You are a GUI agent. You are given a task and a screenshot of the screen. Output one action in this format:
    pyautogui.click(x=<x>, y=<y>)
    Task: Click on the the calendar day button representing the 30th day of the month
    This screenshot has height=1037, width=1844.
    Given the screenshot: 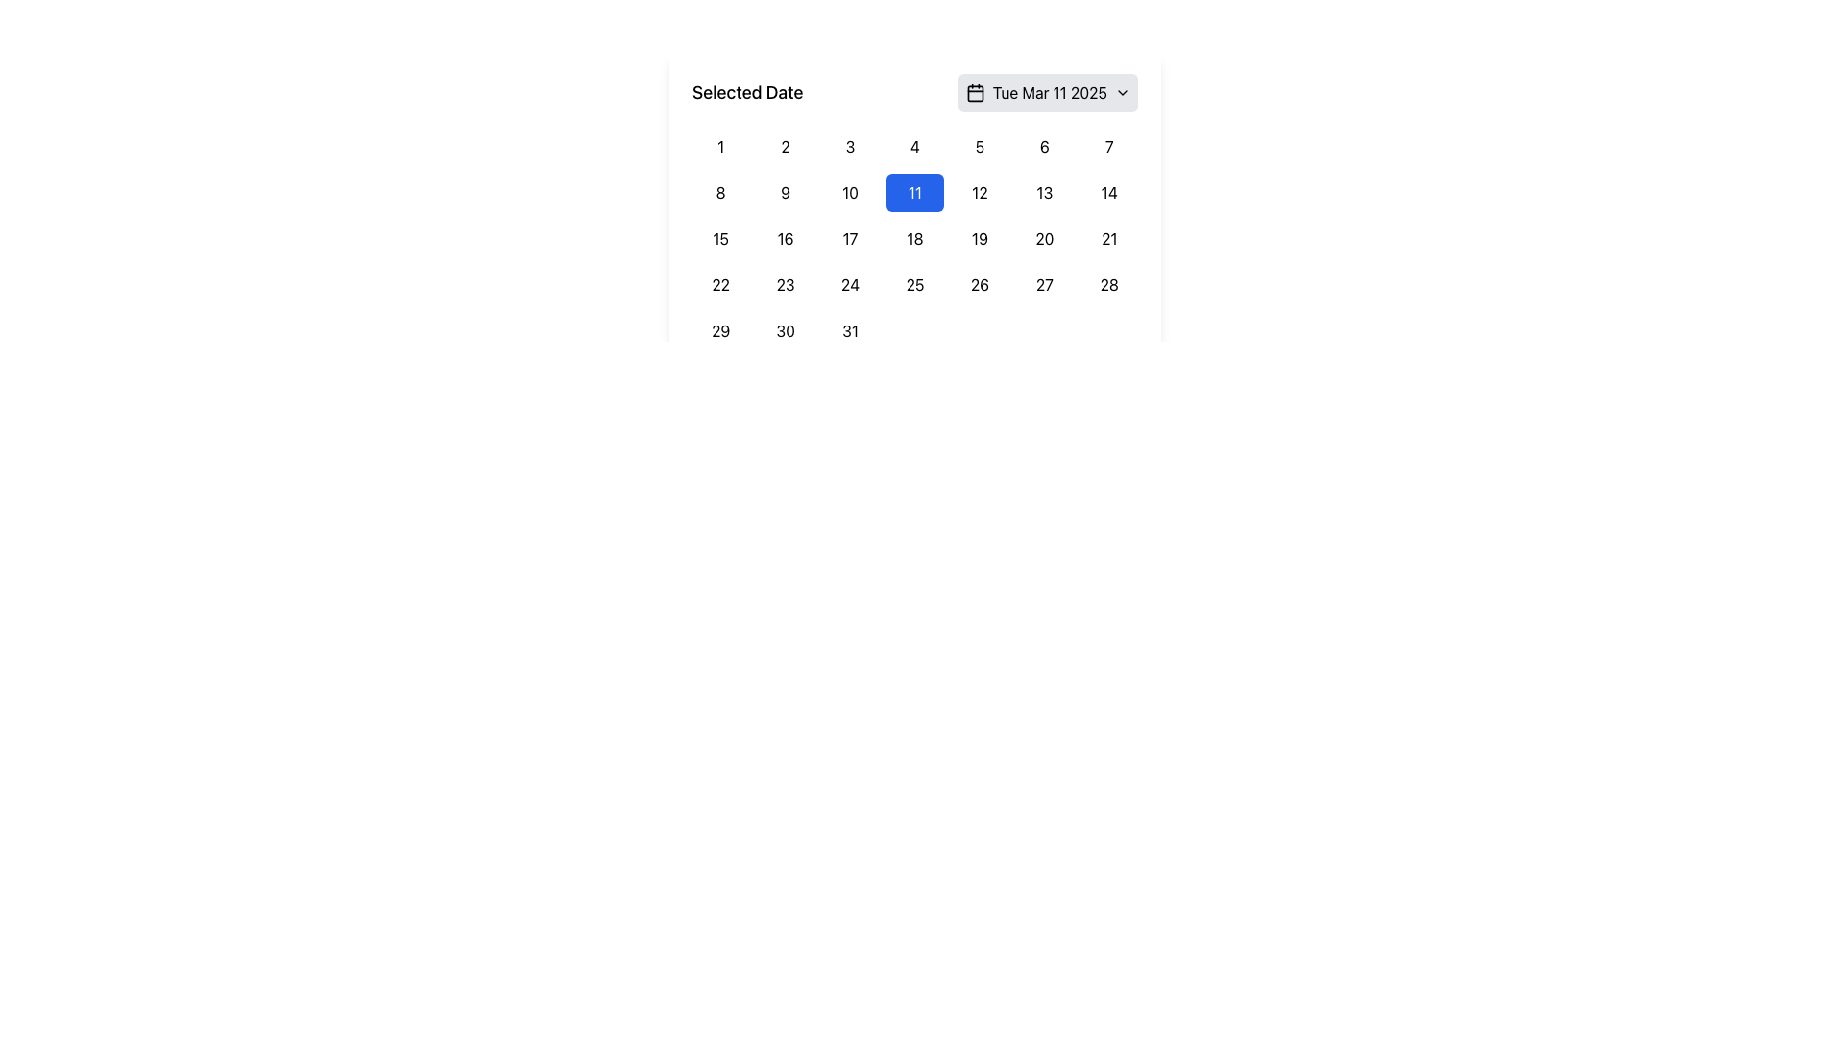 What is the action you would take?
    pyautogui.click(x=785, y=329)
    